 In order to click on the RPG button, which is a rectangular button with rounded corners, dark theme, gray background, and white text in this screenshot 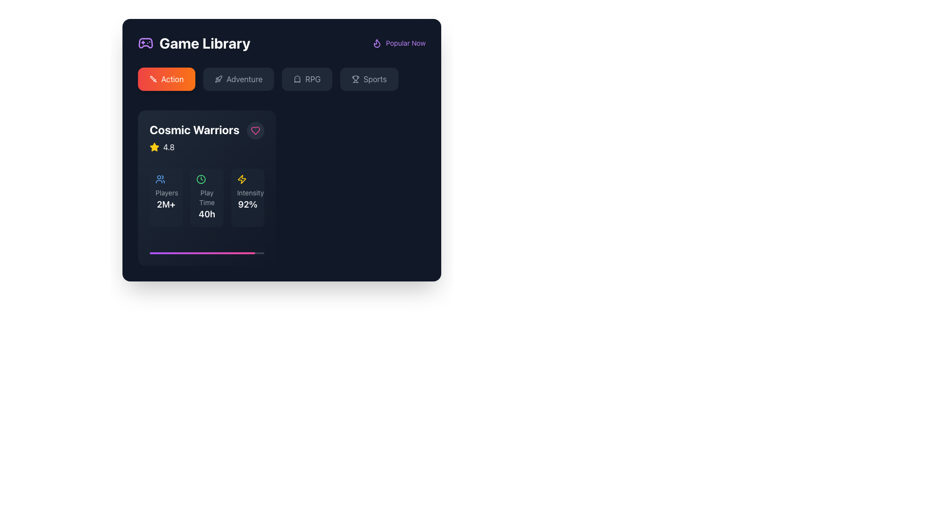, I will do `click(307, 78)`.